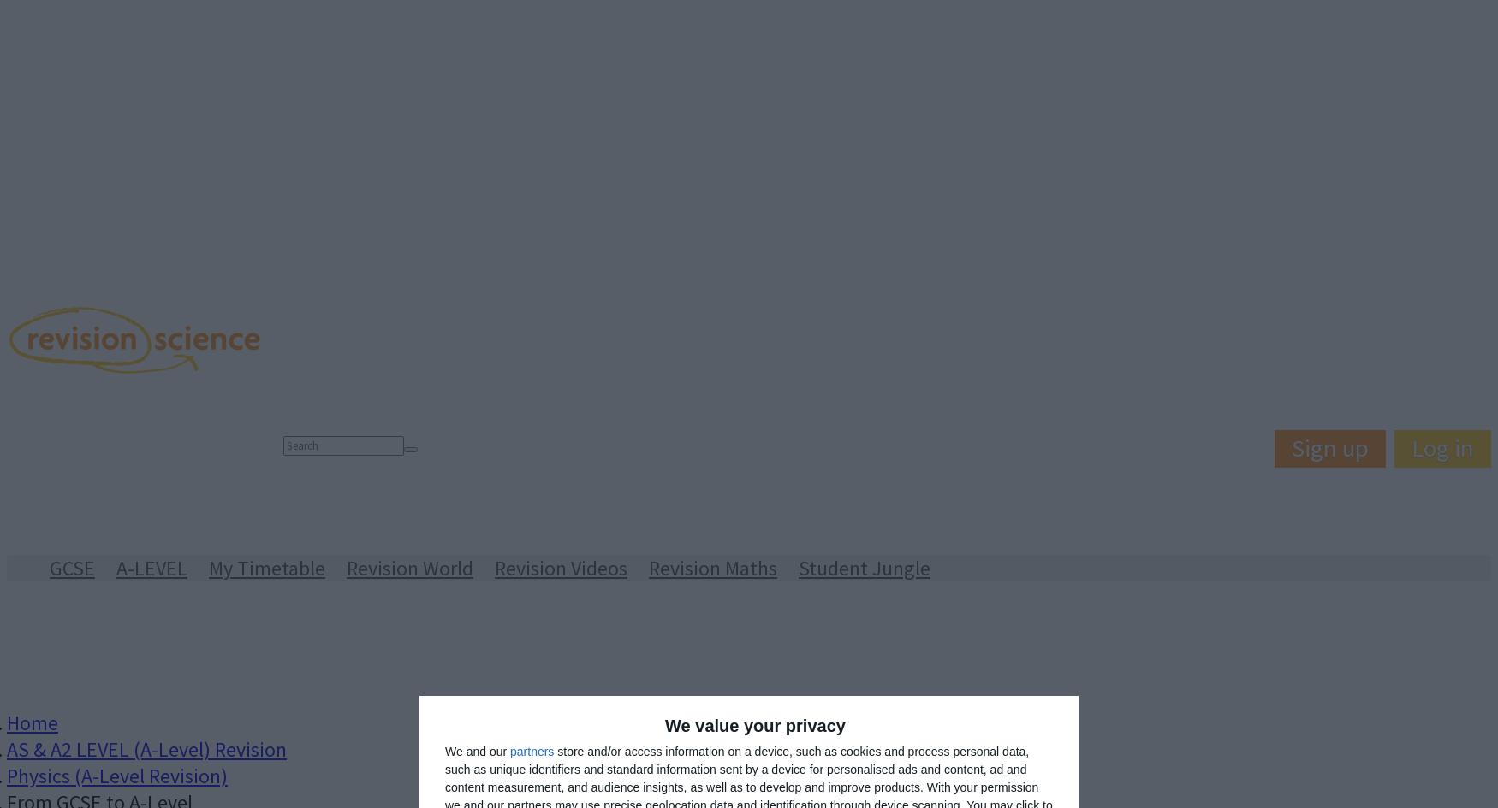  I want to click on 'A-LEVEL', so click(151, 567).